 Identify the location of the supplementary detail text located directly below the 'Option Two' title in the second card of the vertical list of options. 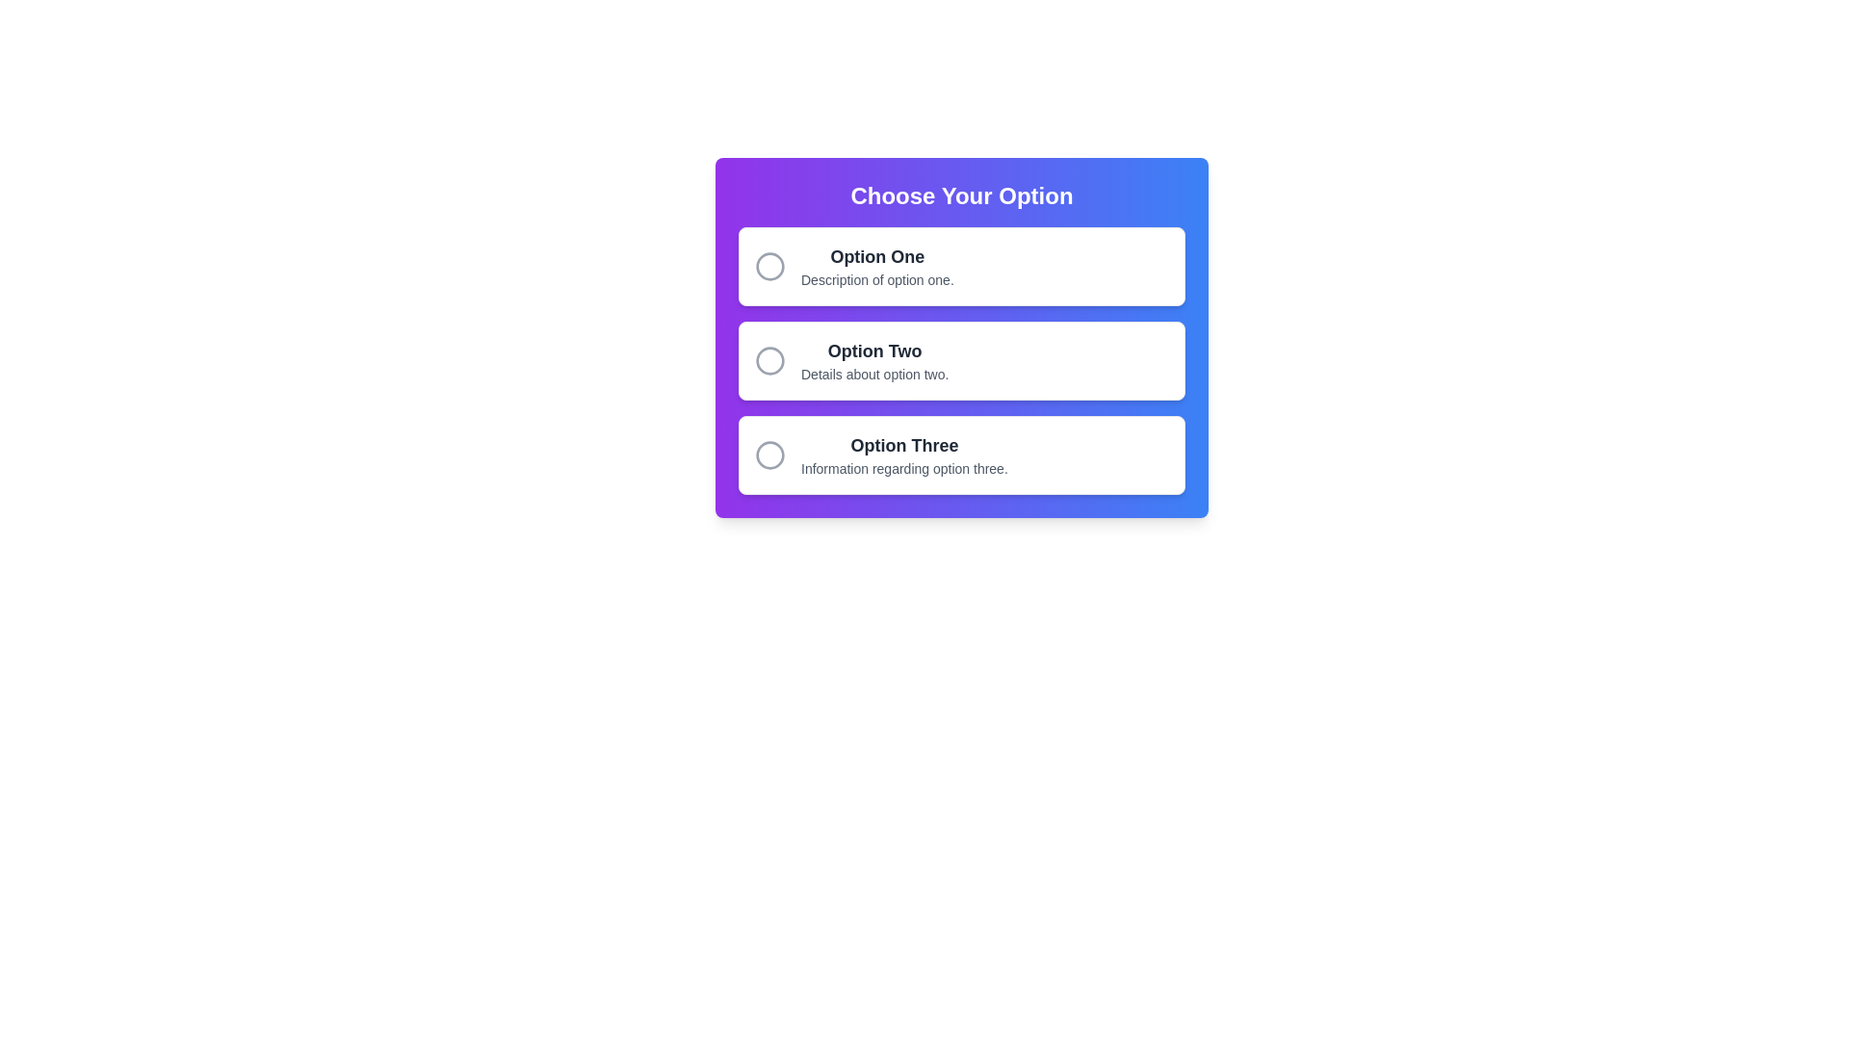
(873, 375).